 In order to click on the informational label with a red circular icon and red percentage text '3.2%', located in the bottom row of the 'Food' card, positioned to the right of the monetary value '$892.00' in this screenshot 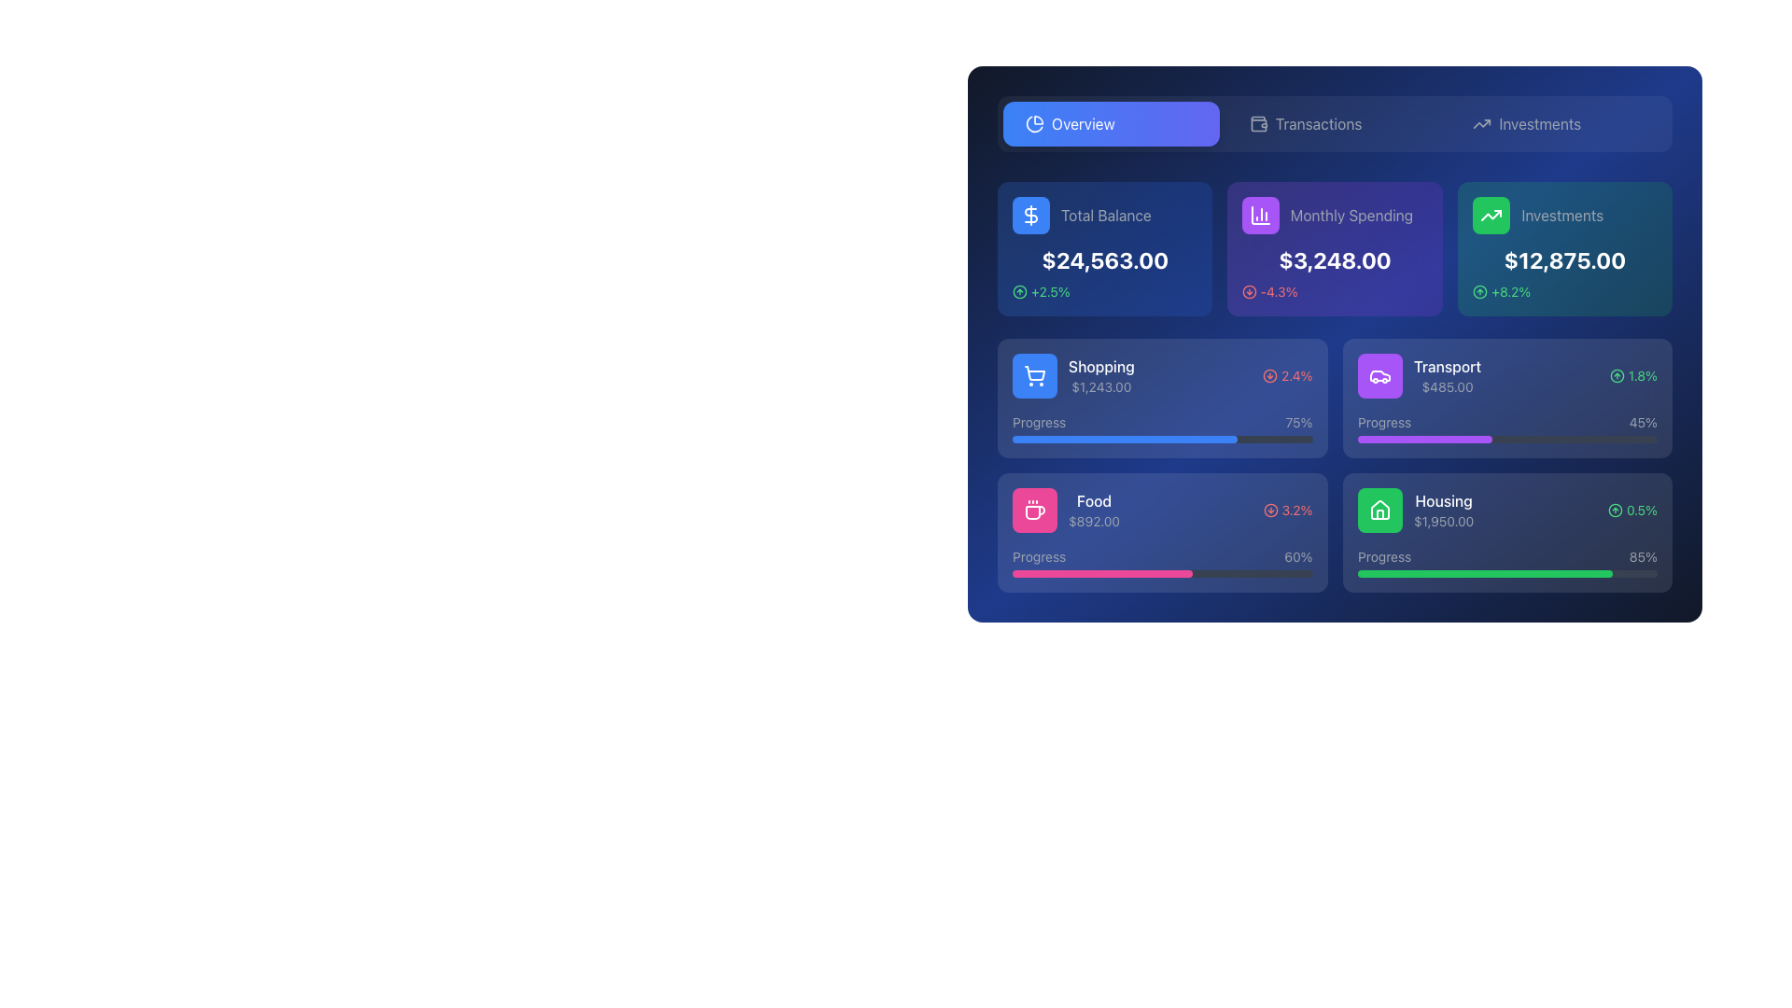, I will do `click(1287, 511)`.